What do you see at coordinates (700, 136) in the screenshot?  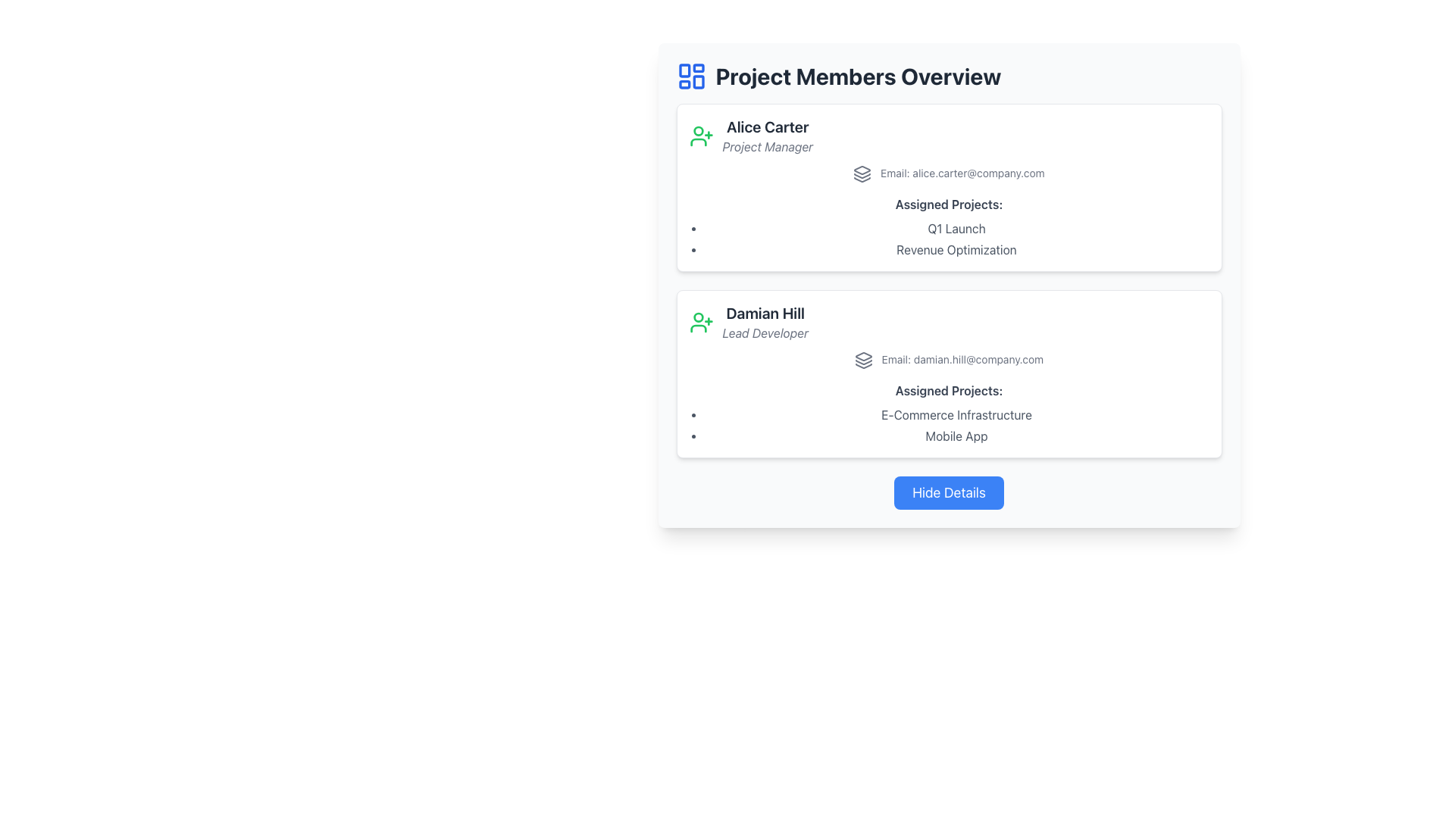 I see `the green SVG icon displaying a user silhouette with a plus sign associated with 'Alice Carter'` at bounding box center [700, 136].